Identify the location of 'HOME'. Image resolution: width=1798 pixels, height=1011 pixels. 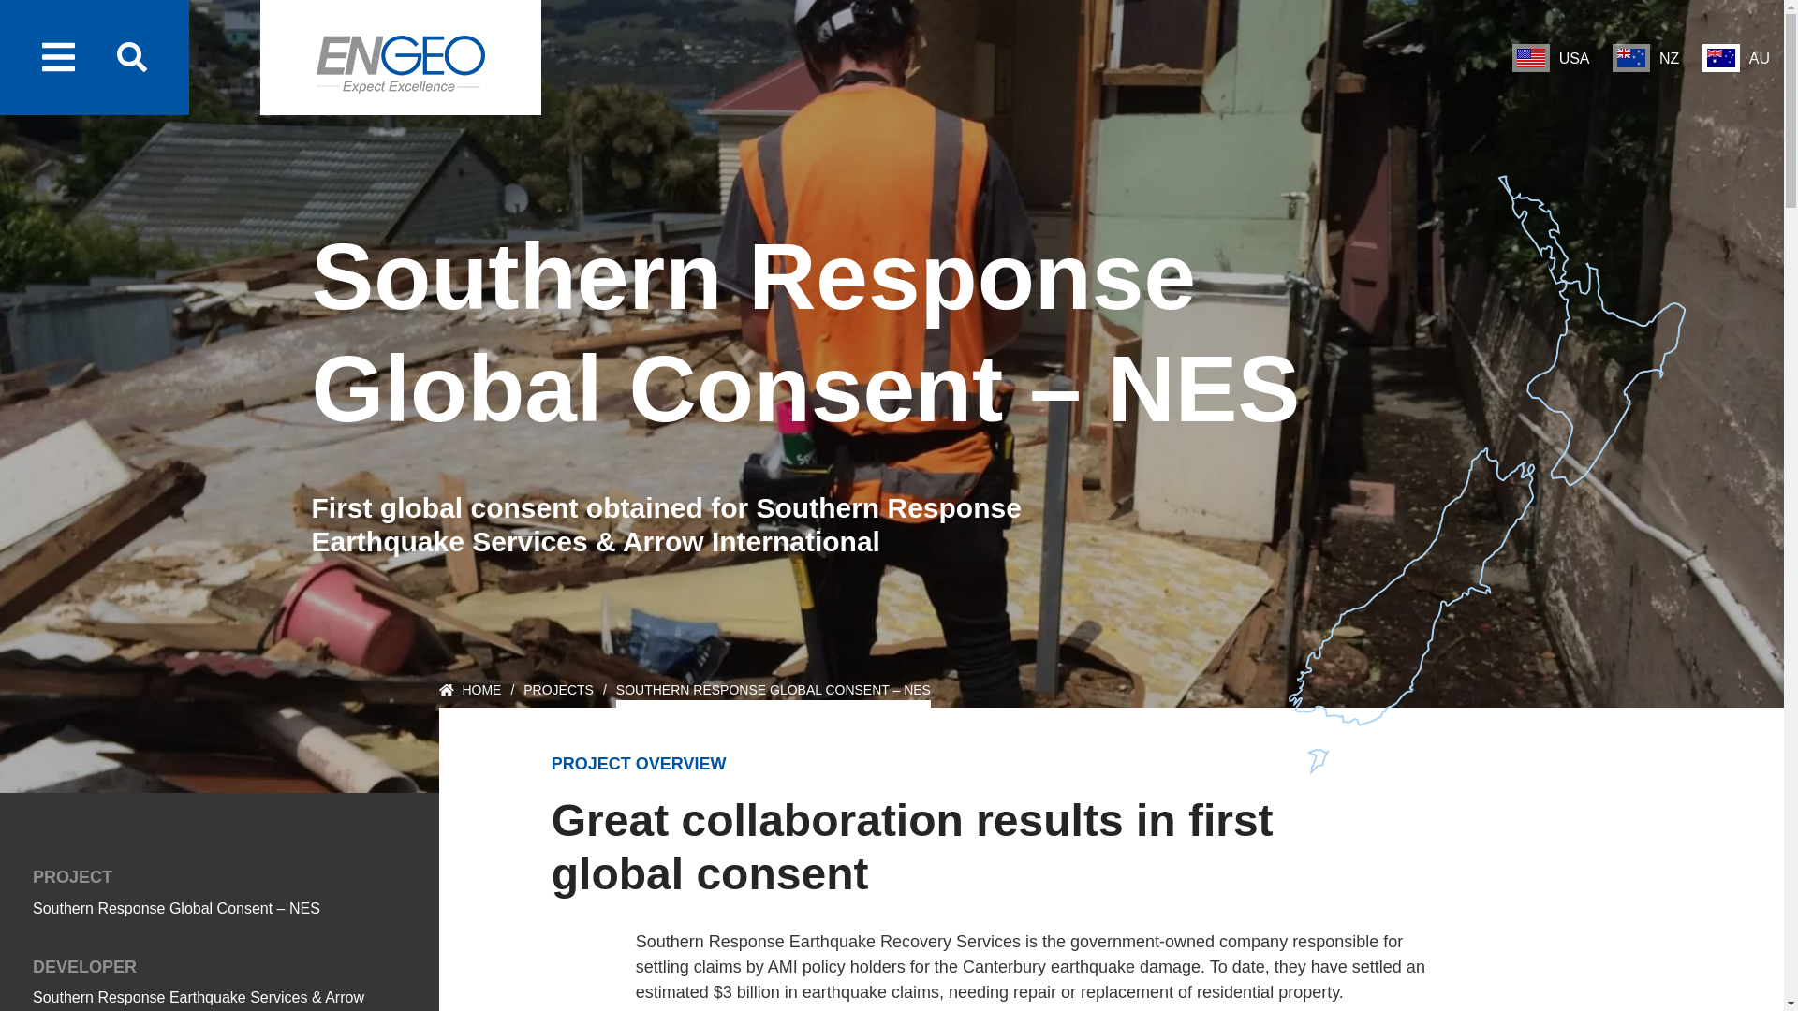
(470, 694).